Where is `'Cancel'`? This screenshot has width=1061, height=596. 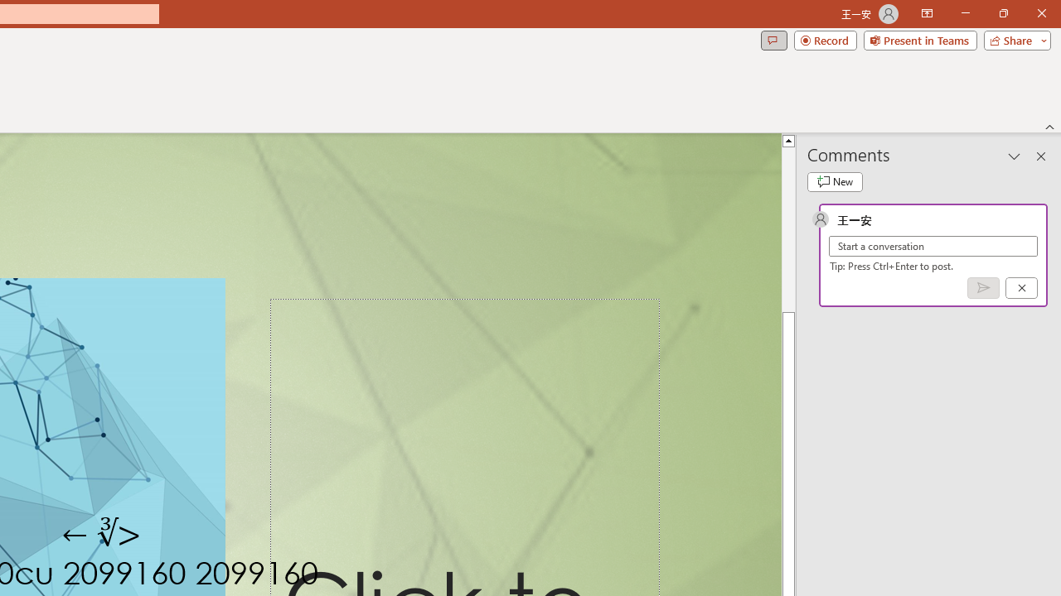 'Cancel' is located at coordinates (1020, 286).